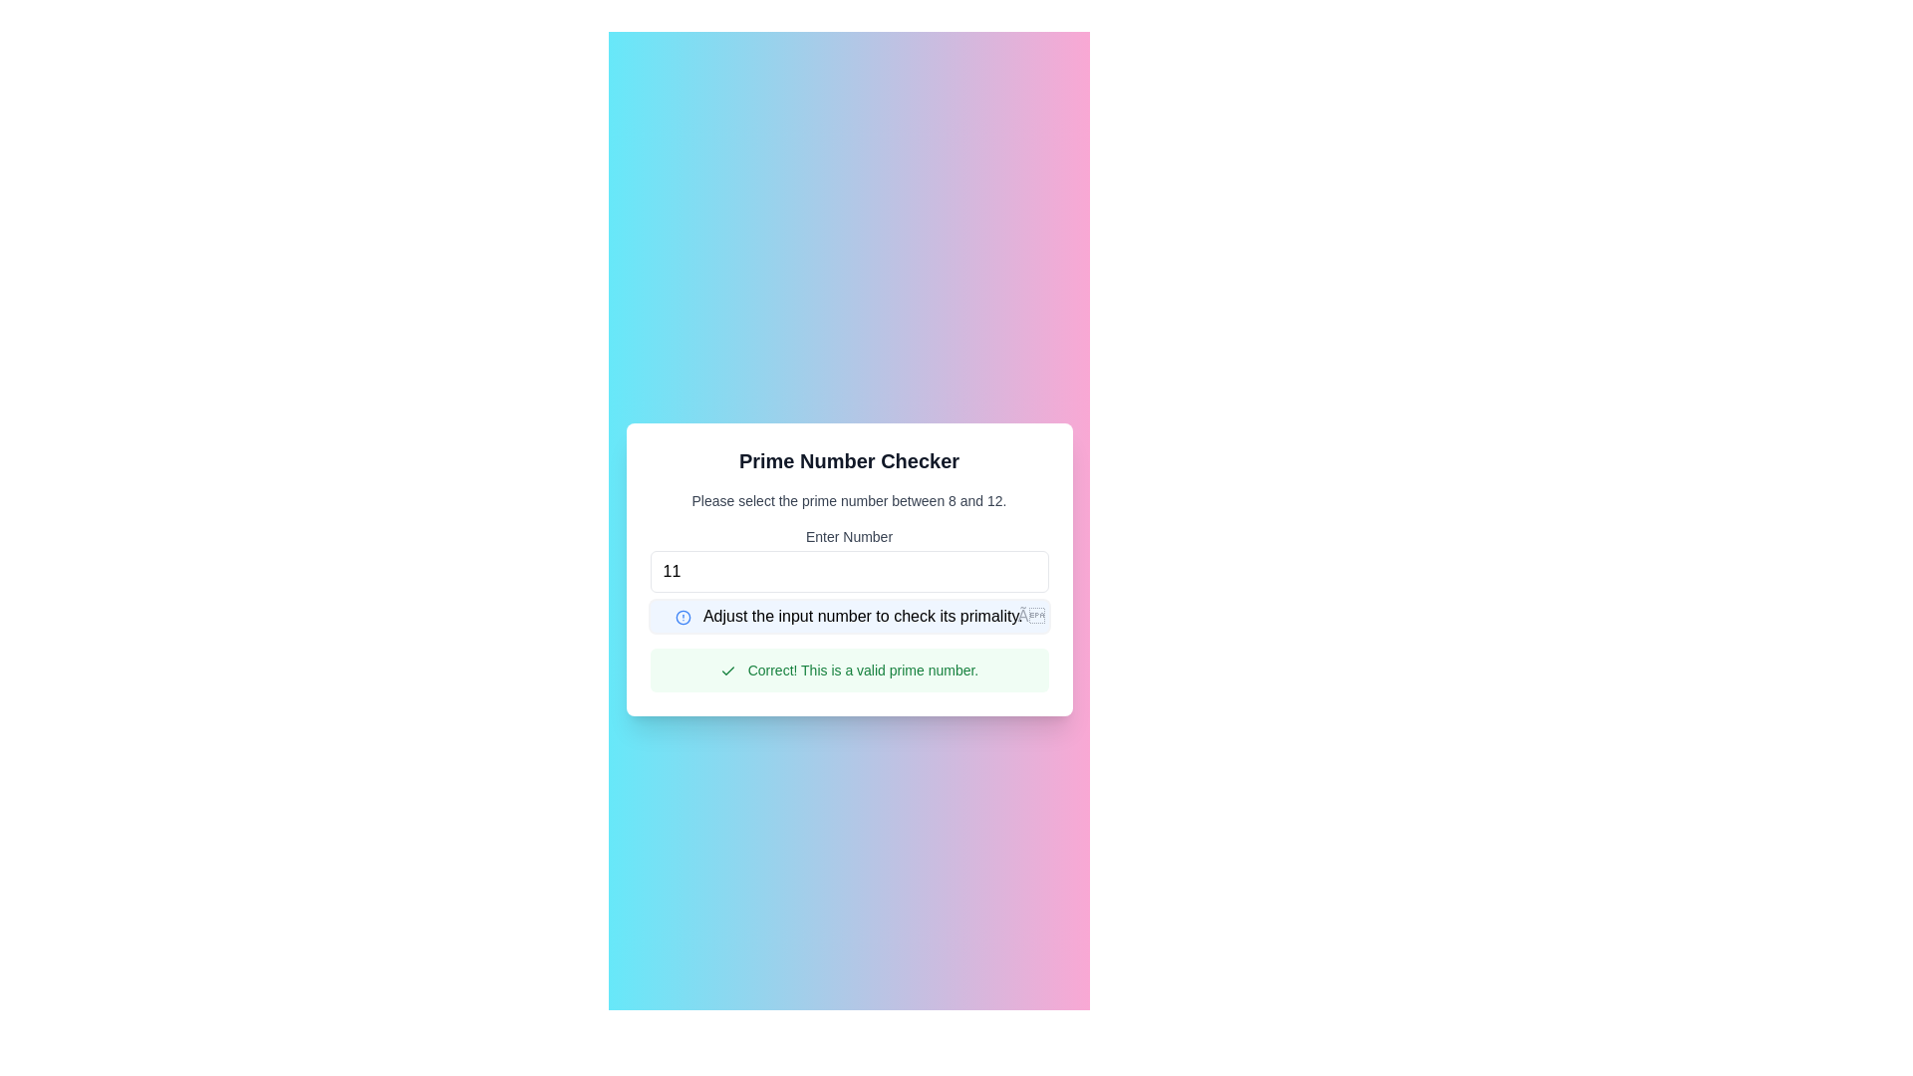  What do you see at coordinates (683, 616) in the screenshot?
I see `the notification icon that indicates alerts related to the feedback message 'Adjust the input number to check its primality'` at bounding box center [683, 616].